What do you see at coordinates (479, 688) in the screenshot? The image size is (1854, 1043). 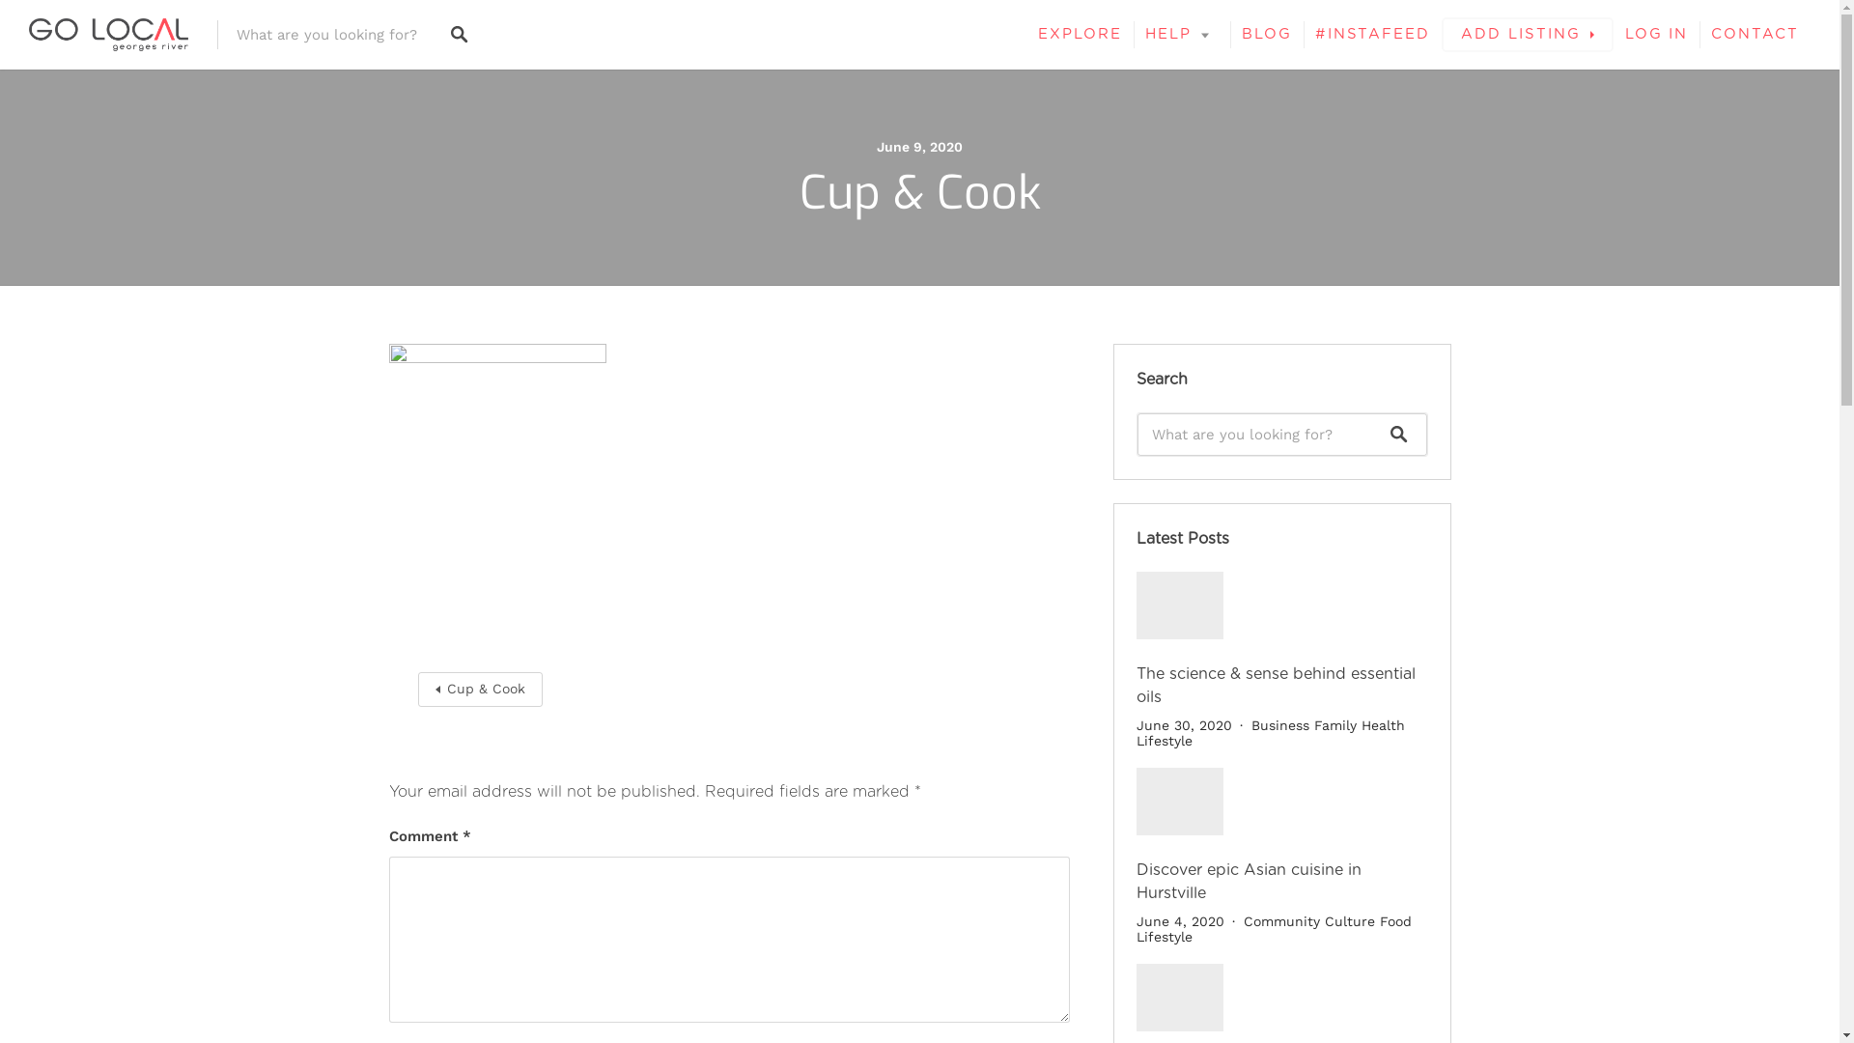 I see `'Cup & Cook'` at bounding box center [479, 688].